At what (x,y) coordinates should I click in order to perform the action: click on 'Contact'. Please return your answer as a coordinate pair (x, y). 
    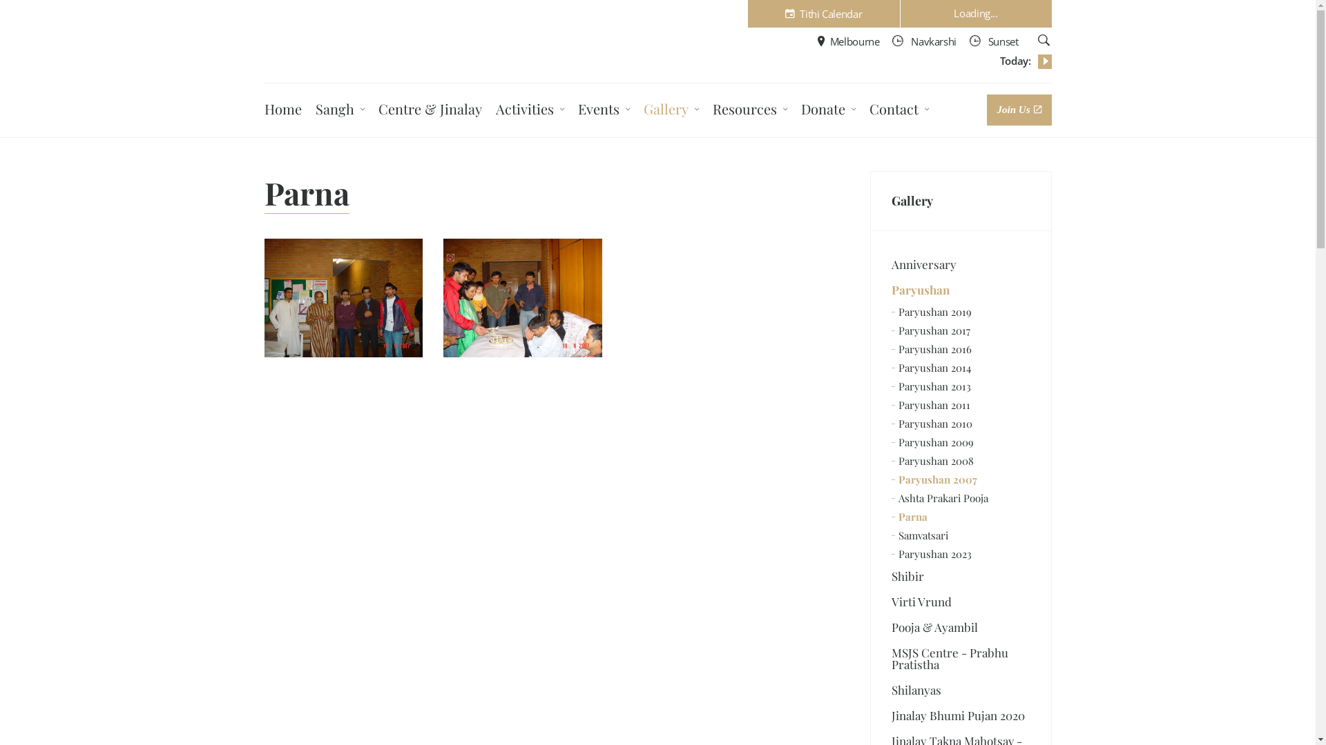
    Looking at the image, I should click on (901, 110).